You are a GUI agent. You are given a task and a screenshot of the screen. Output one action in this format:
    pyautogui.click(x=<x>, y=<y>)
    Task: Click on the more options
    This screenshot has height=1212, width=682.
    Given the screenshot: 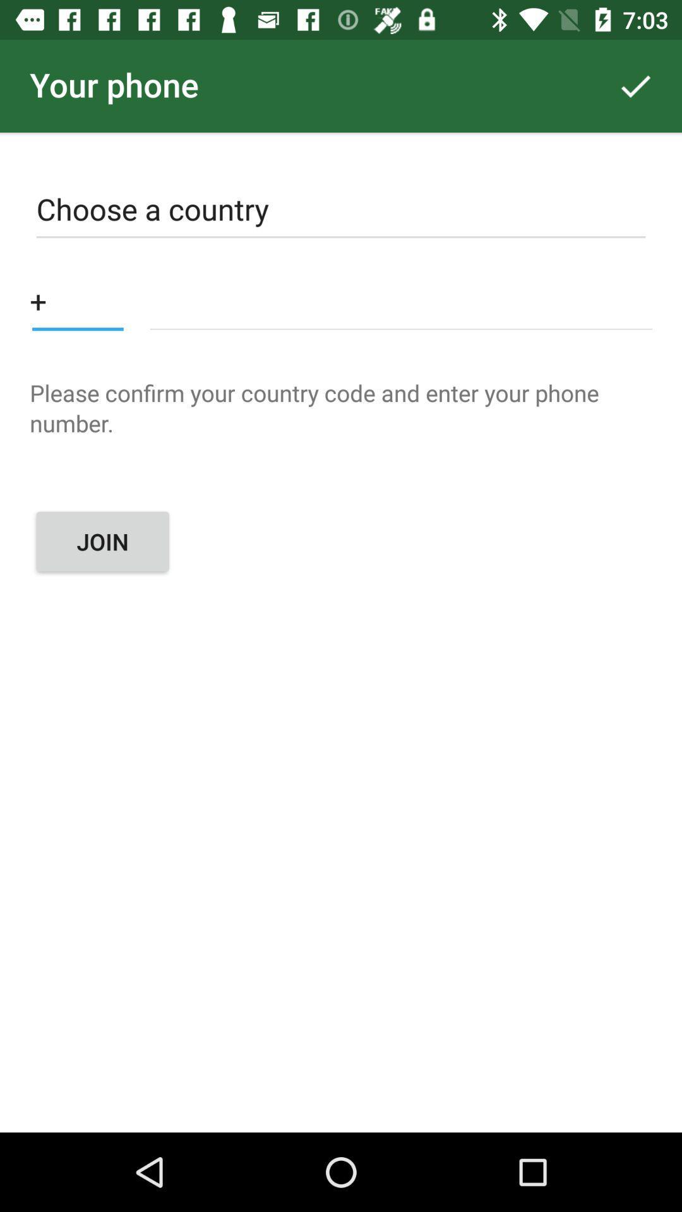 What is the action you would take?
    pyautogui.click(x=78, y=300)
    